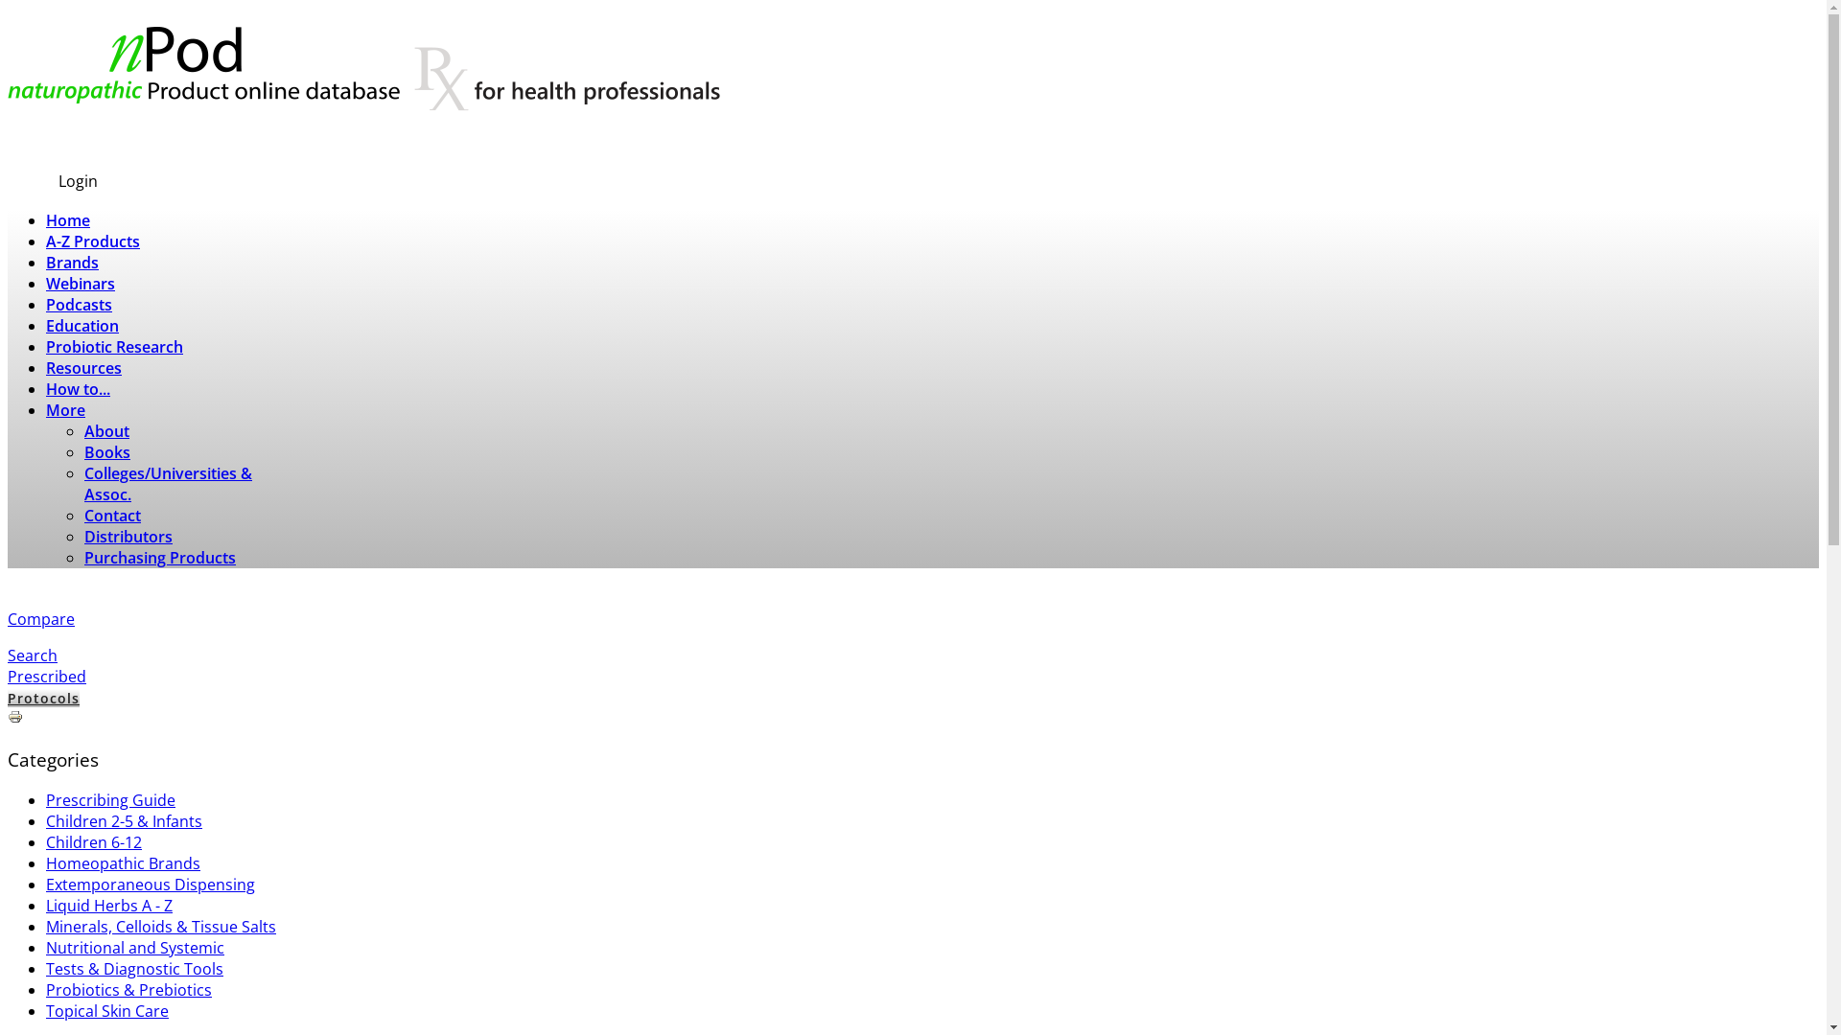 This screenshot has height=1035, width=1841. I want to click on 'Search', so click(32, 654).